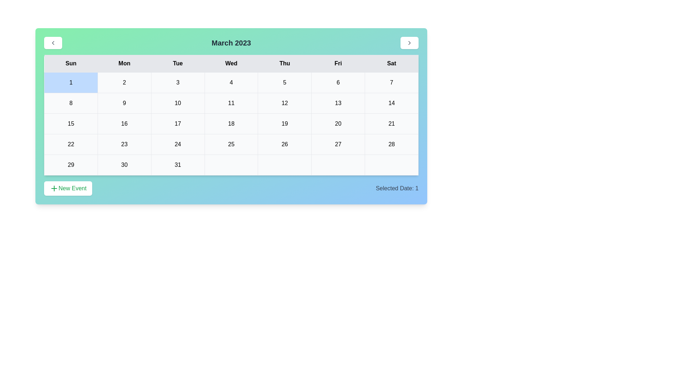  What do you see at coordinates (71, 144) in the screenshot?
I see `the cell representing the date 22 in the calendar` at bounding box center [71, 144].